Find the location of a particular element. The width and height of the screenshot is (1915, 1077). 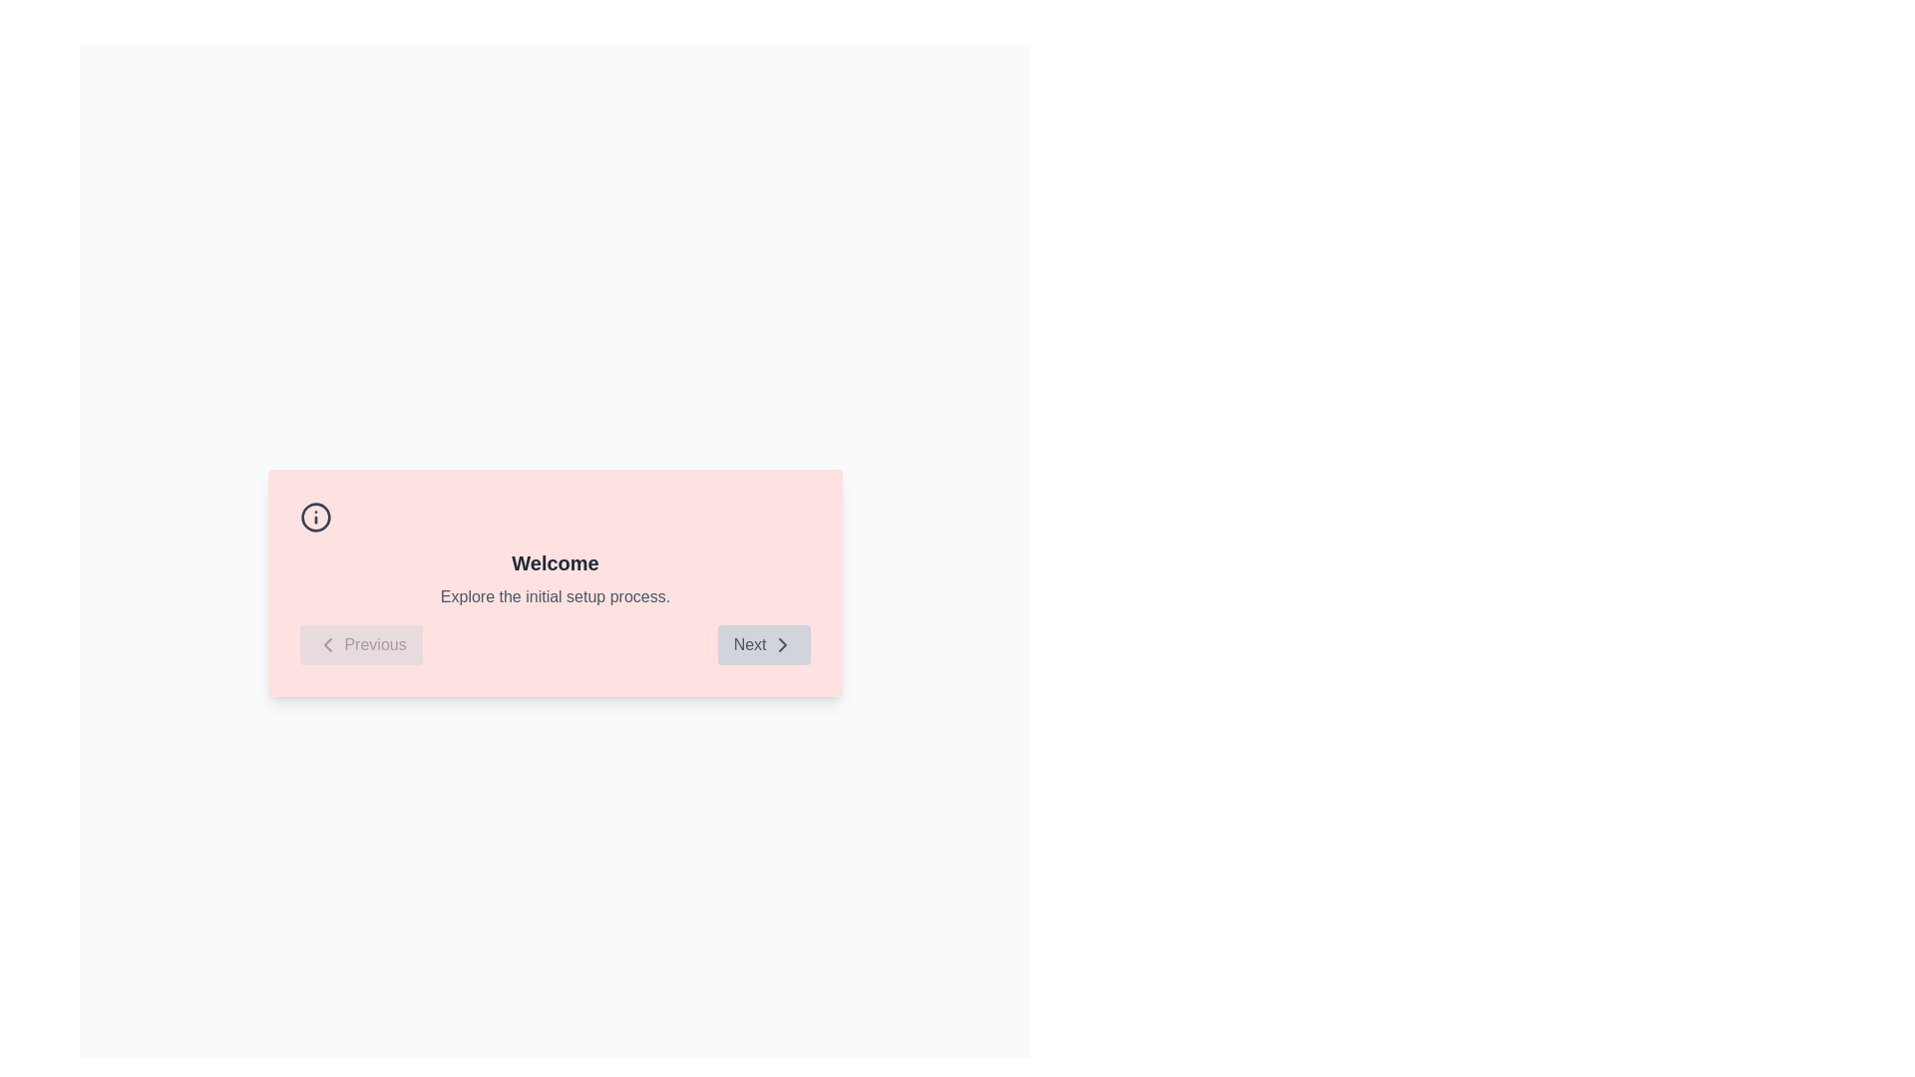

the 'Next' button, which is a rectangular button with a light gray background and gray text located in the bottom right corner of a pink dialog box is located at coordinates (763, 645).